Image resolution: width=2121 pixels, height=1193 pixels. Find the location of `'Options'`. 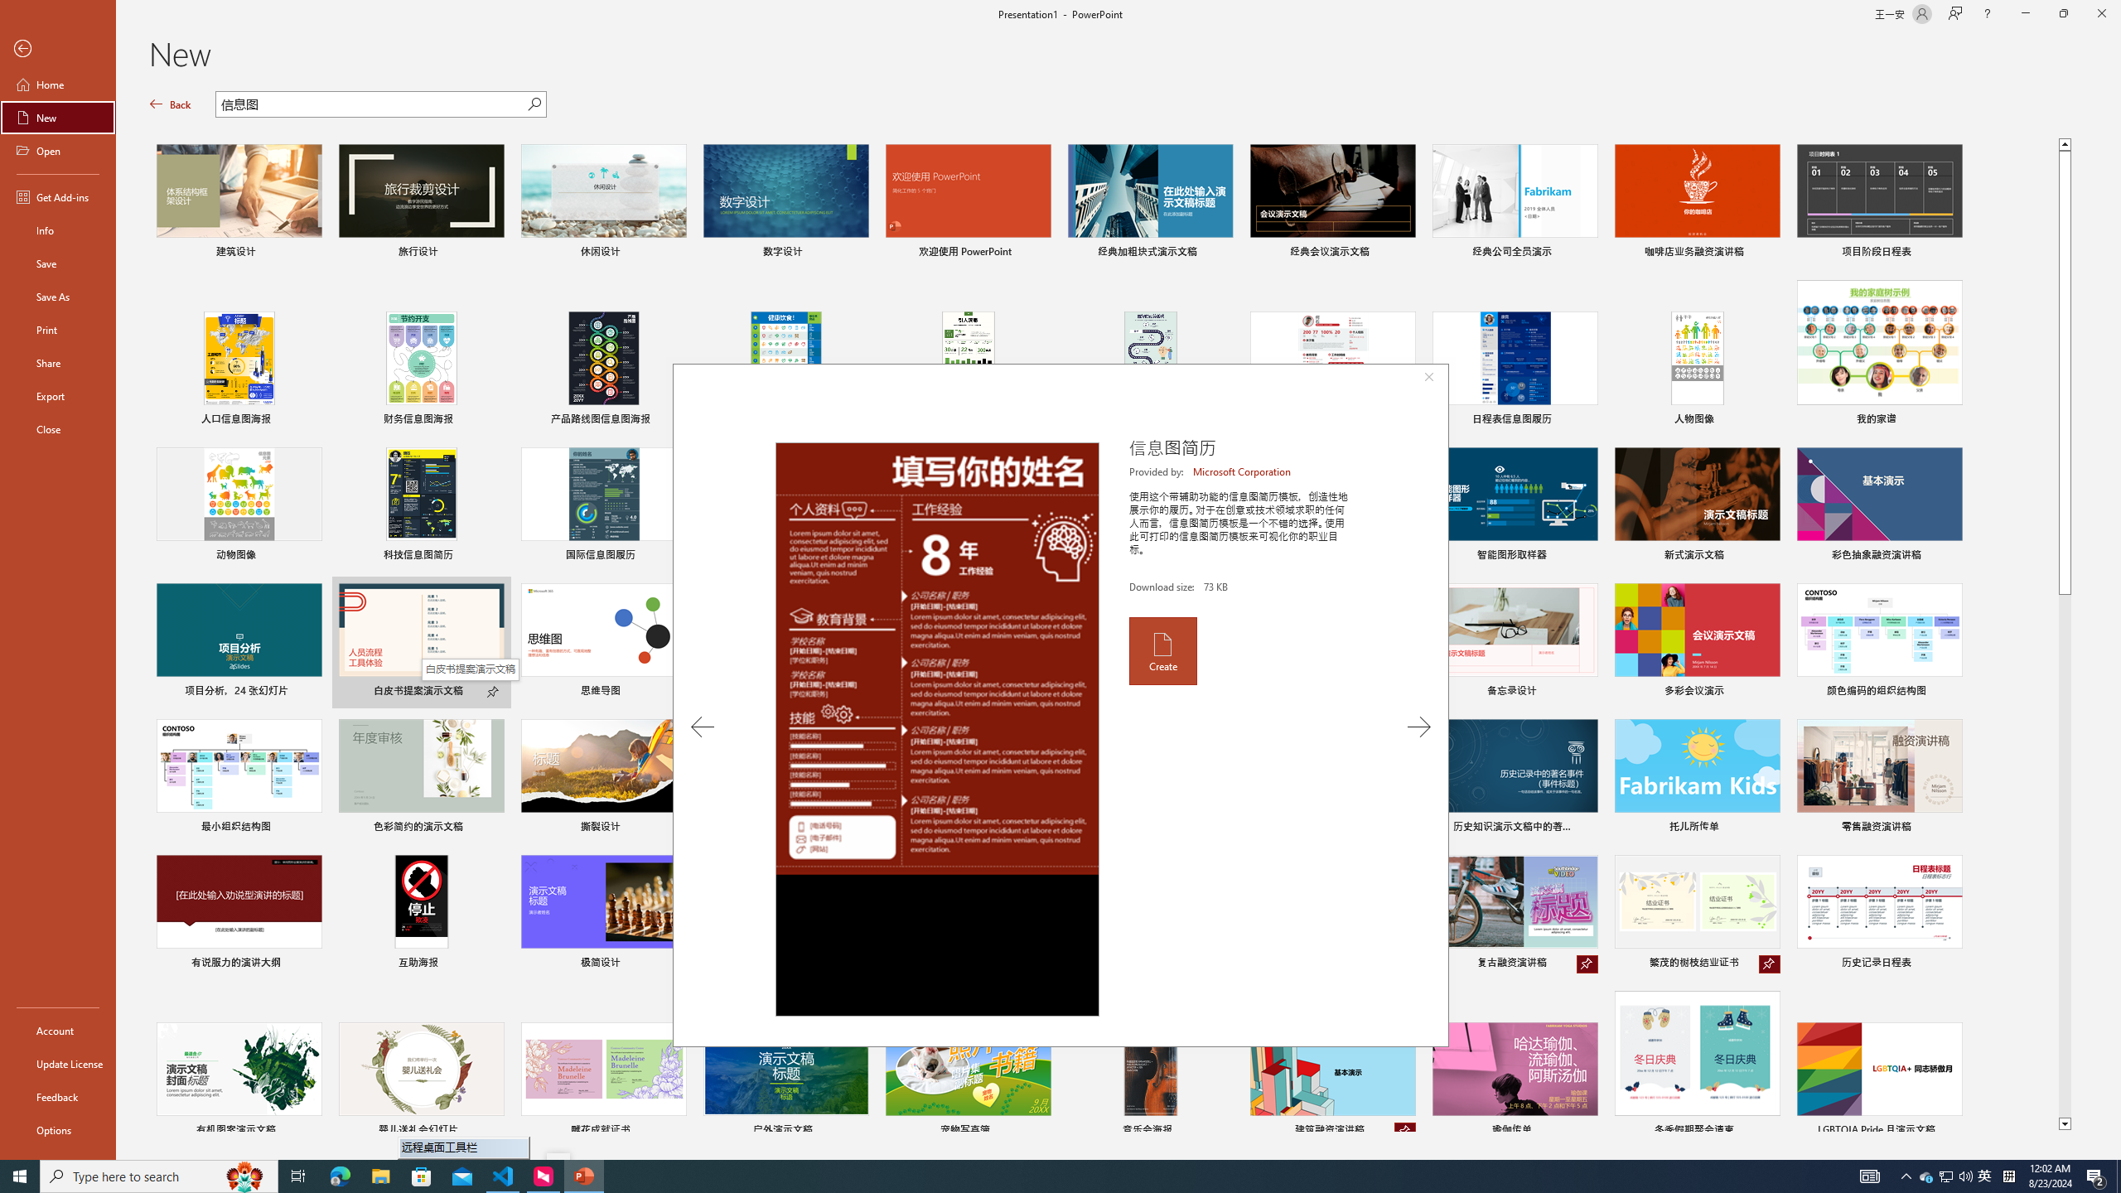

'Options' is located at coordinates (57, 1129).